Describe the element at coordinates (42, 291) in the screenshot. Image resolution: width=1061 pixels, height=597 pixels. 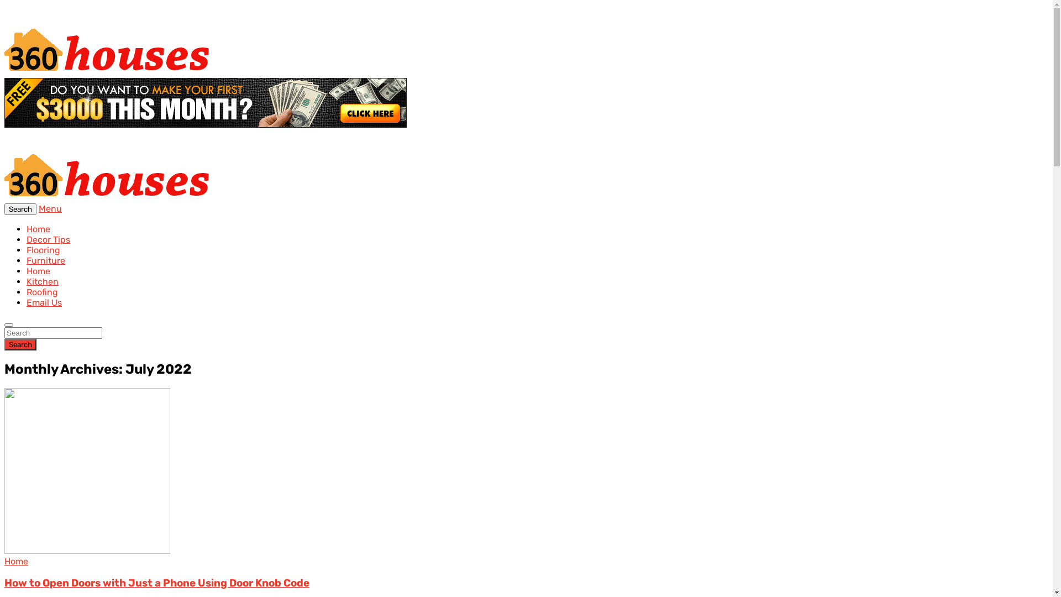
I see `'Roofing'` at that location.